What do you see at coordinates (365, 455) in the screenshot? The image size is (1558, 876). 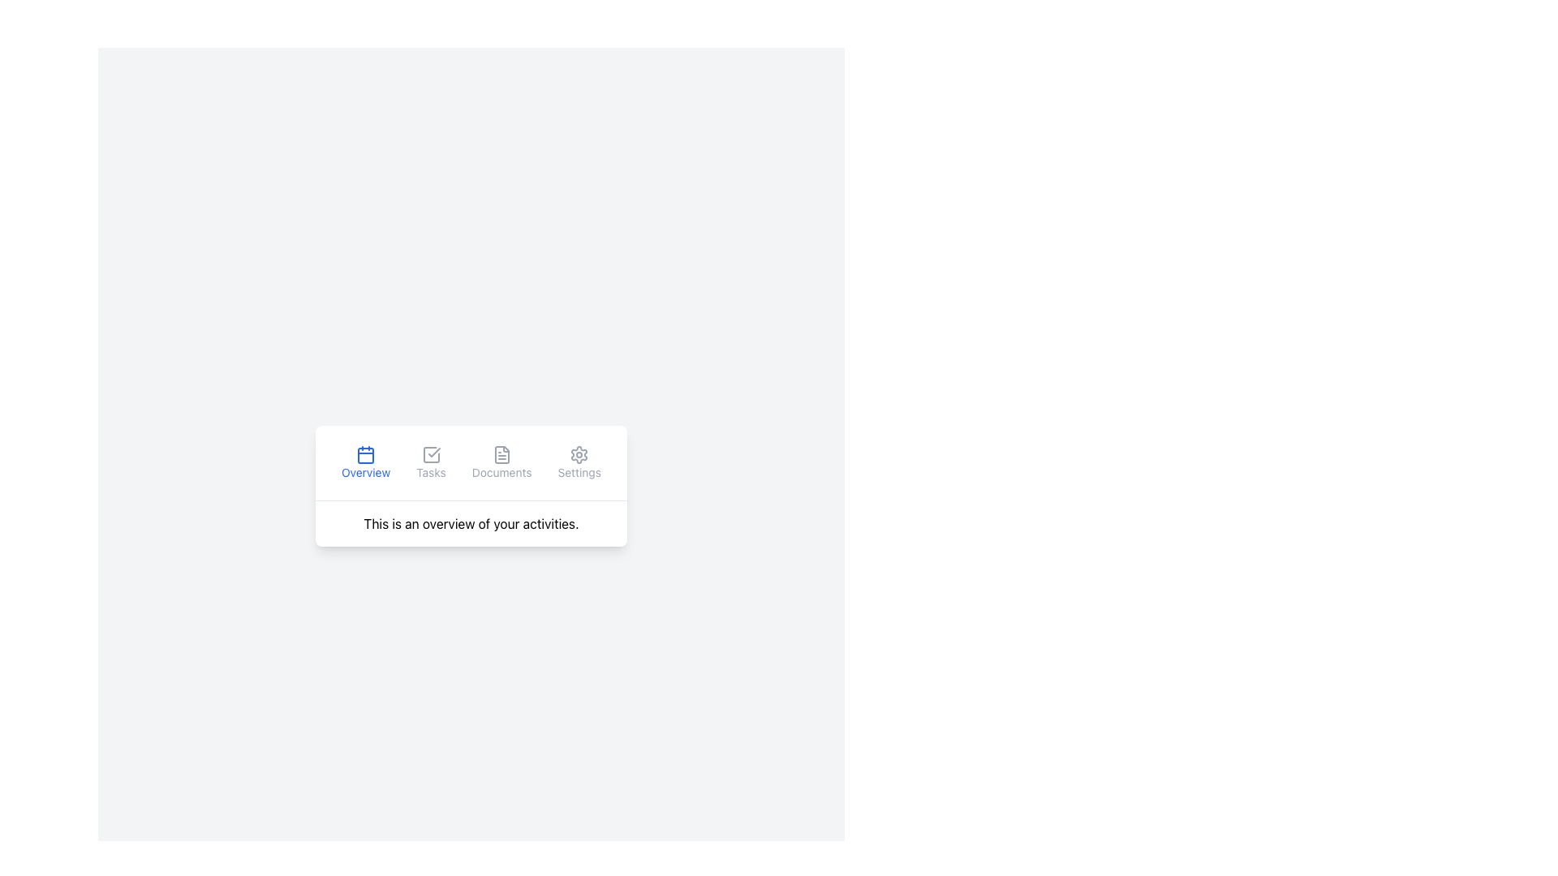 I see `the filled rectangle within the calendar icon that indicates the active state of the 'Overview' tab in the bottom navigation menu` at bounding box center [365, 455].